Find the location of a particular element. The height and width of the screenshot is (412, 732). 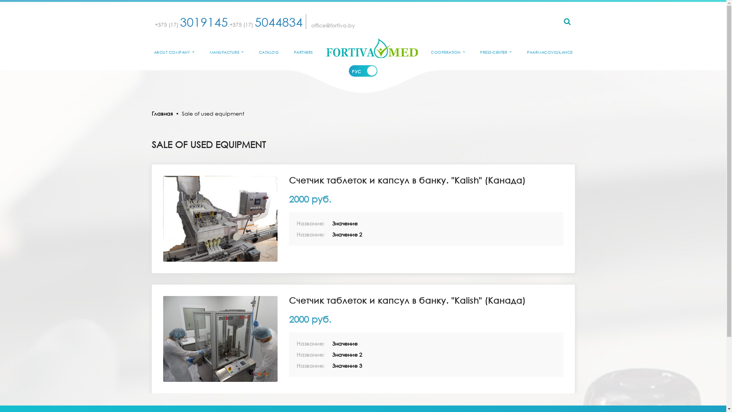

'office@fortiva.by' is located at coordinates (333, 25).